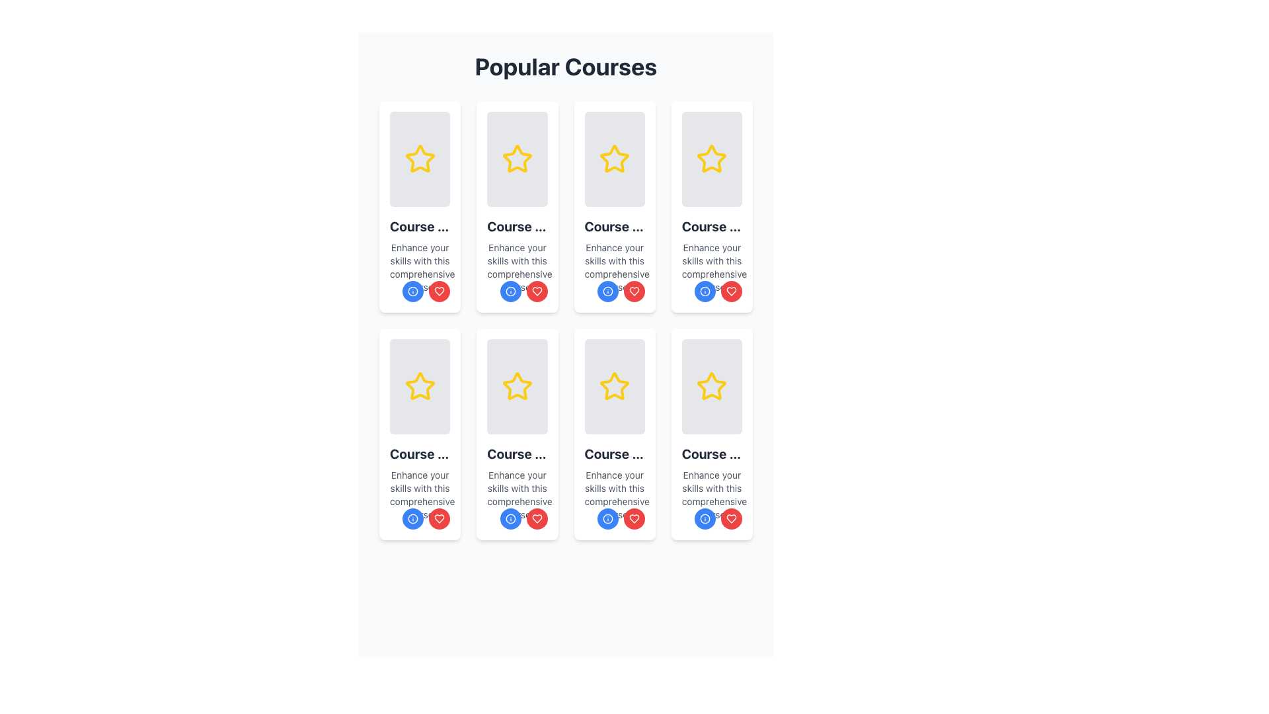 This screenshot has width=1269, height=714. I want to click on the 'Favorite' button located in the bottom right corner of the second course card in the top row of the displayed grid to mark the item as favorite, so click(731, 290).